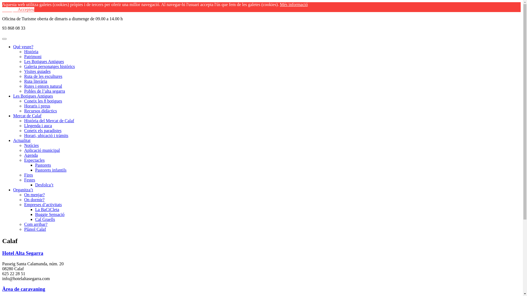 The height and width of the screenshot is (296, 527). What do you see at coordinates (47, 209) in the screenshot?
I see `'La BaCiCleta'` at bounding box center [47, 209].